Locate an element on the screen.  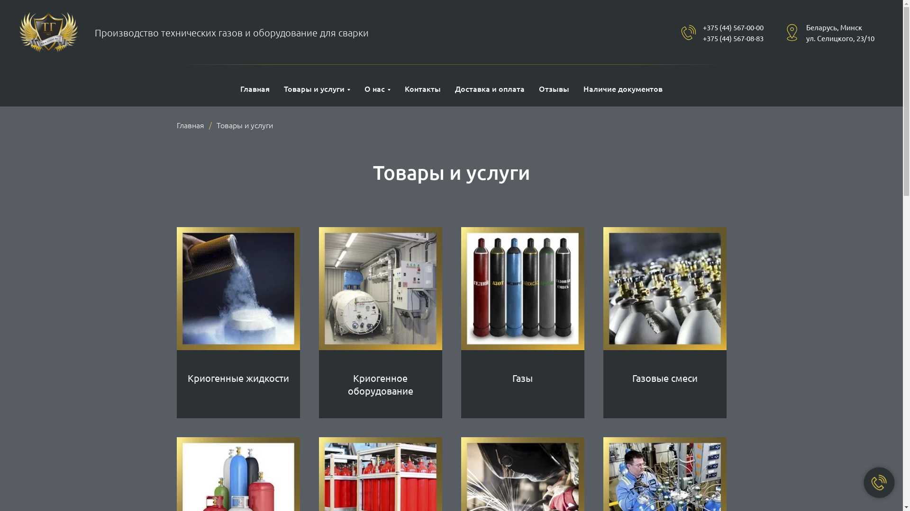
'+375 (44) 567-00-00' is located at coordinates (732, 26).